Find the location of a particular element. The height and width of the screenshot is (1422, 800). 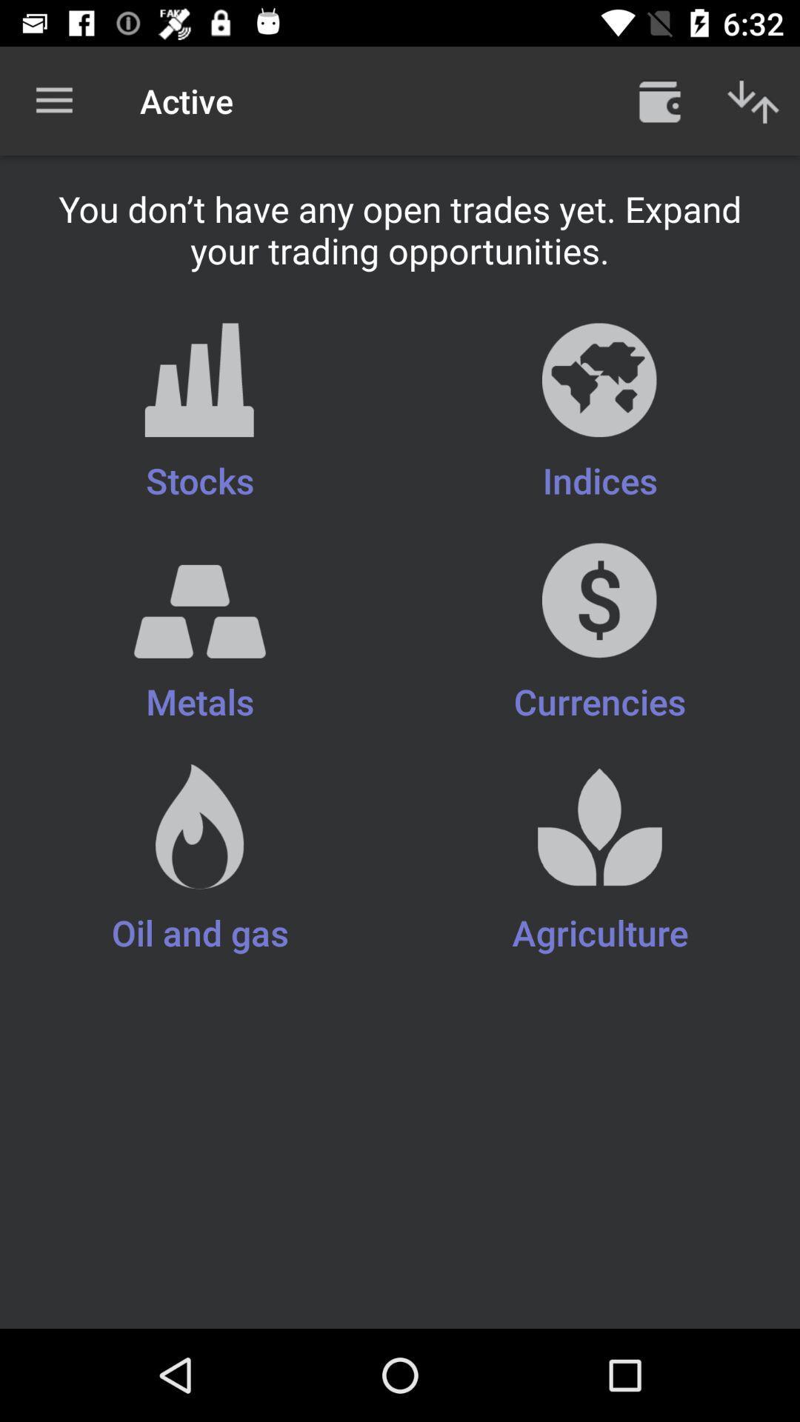

currencies is located at coordinates (600, 634).